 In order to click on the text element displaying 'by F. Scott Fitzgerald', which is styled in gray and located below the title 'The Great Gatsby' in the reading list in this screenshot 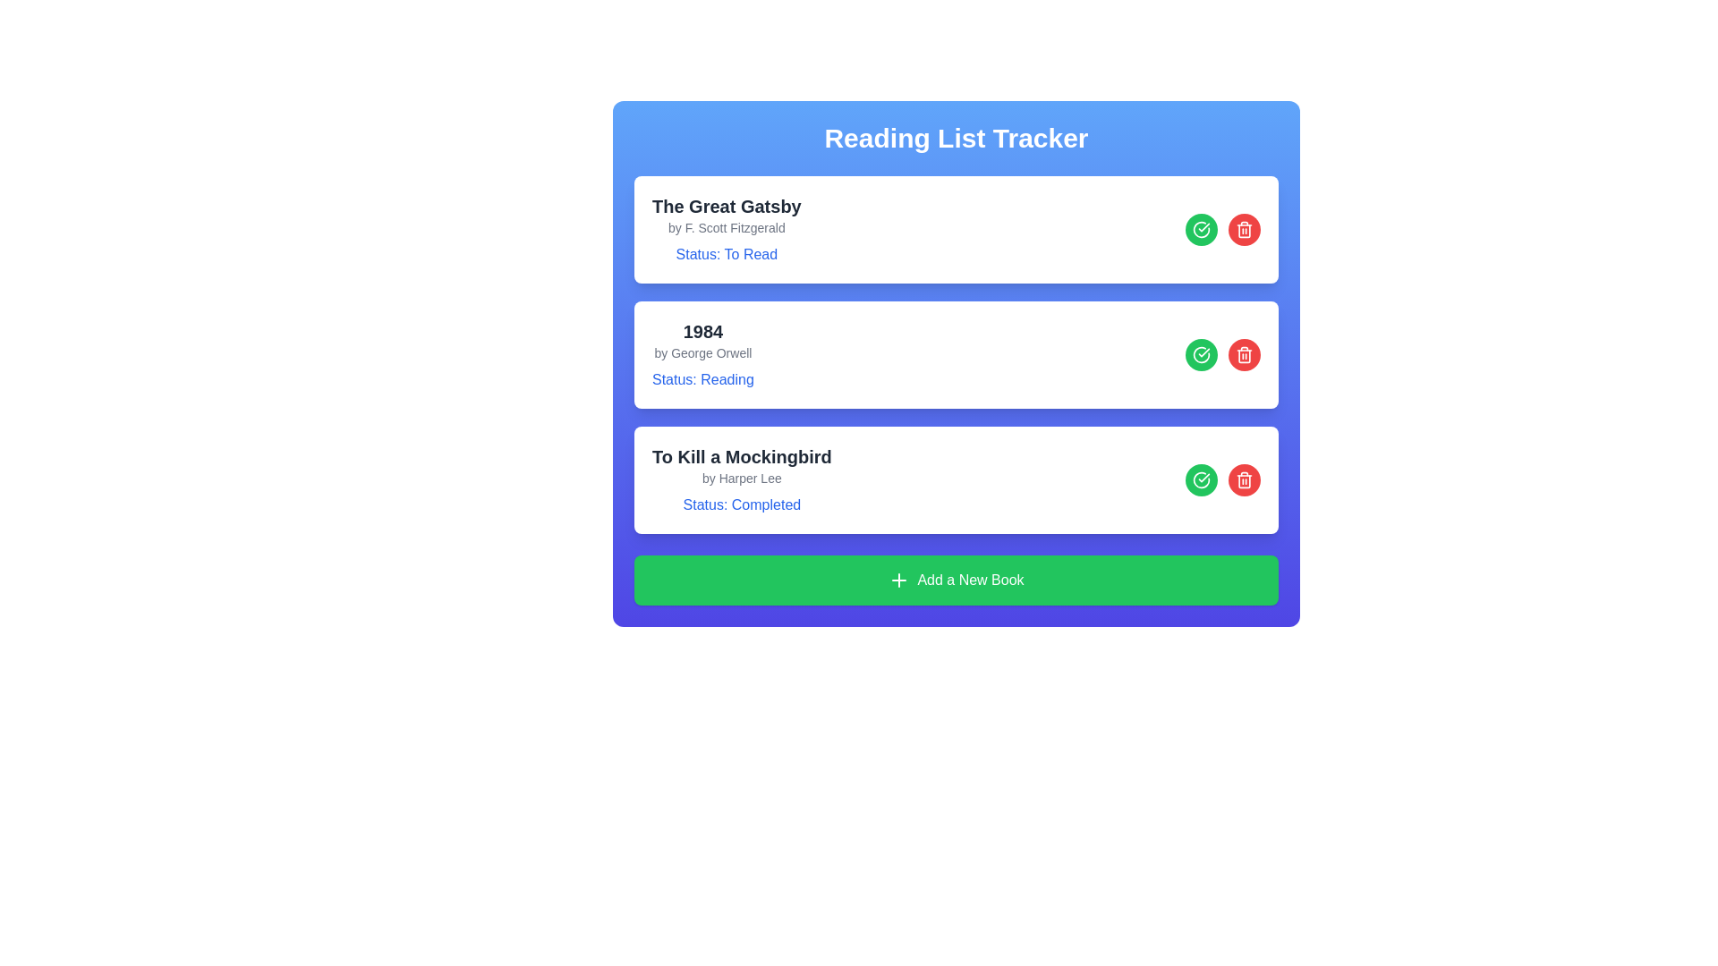, I will do `click(727, 226)`.